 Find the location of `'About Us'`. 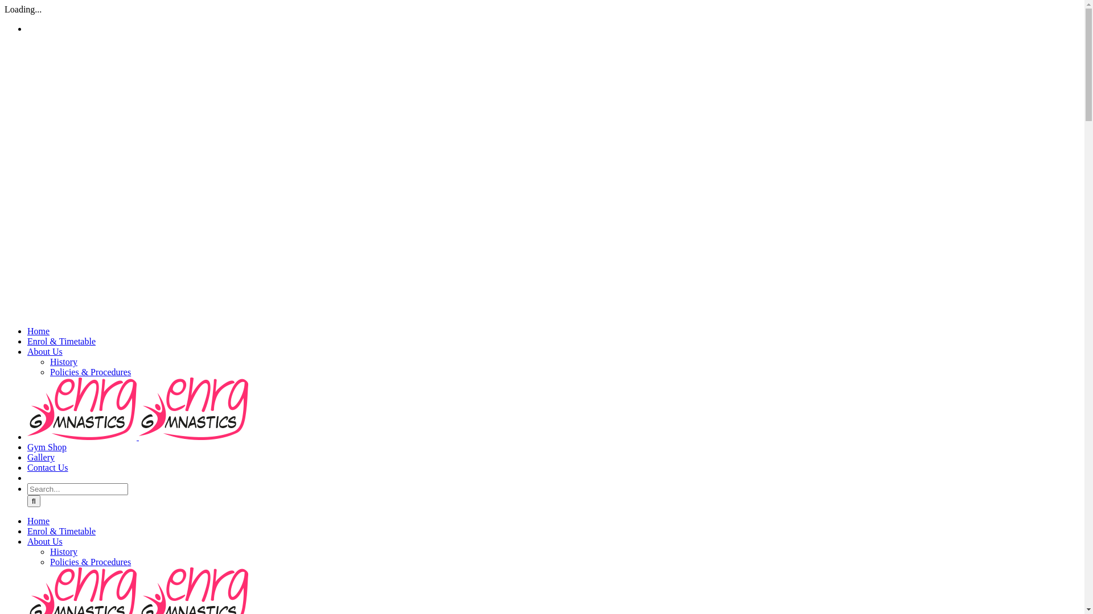

'About Us' is located at coordinates (27, 351).